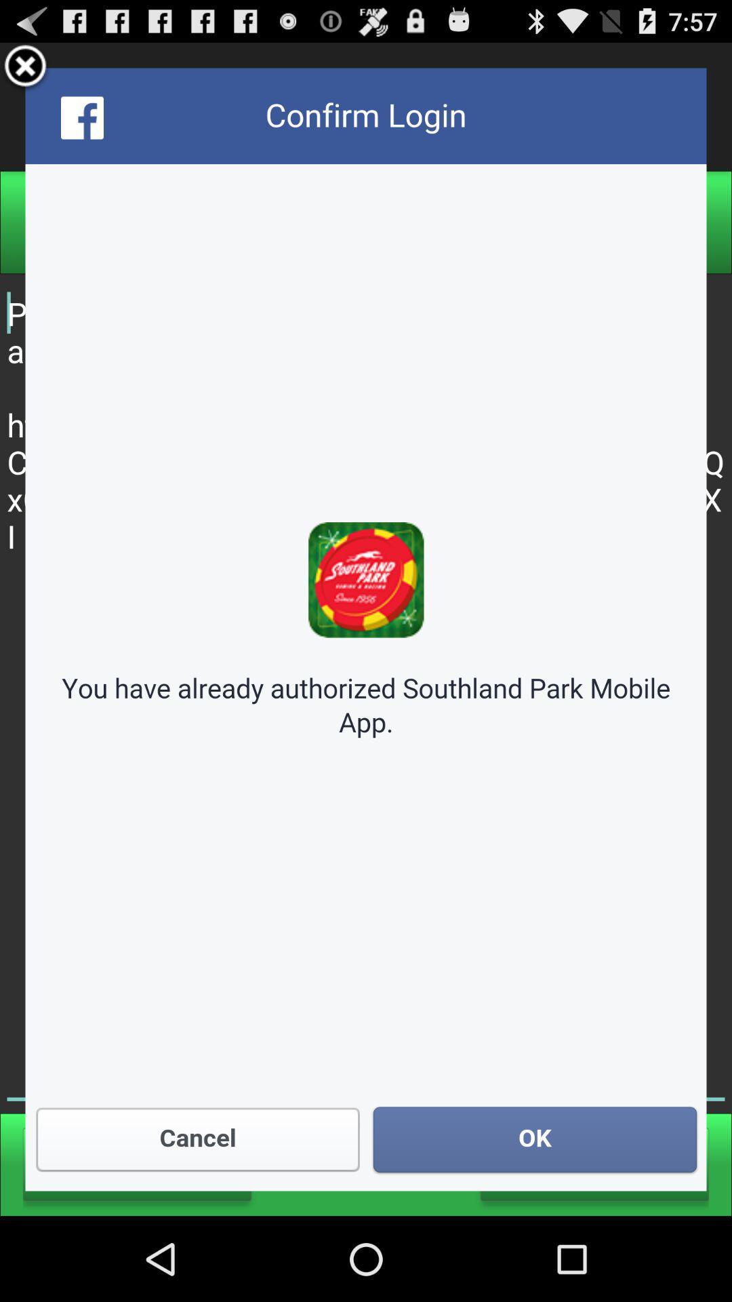 The height and width of the screenshot is (1302, 732). I want to click on popup, so click(25, 67).